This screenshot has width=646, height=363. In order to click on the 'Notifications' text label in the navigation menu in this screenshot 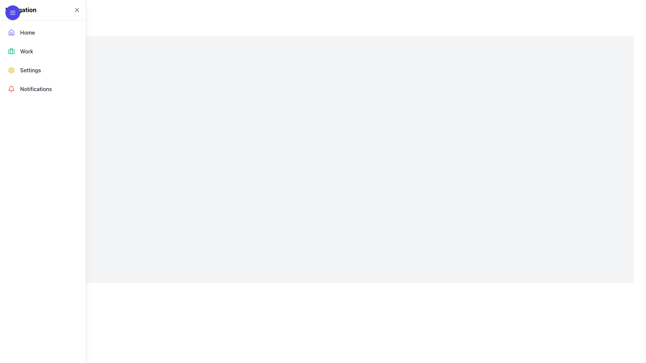, I will do `click(36, 89)`.